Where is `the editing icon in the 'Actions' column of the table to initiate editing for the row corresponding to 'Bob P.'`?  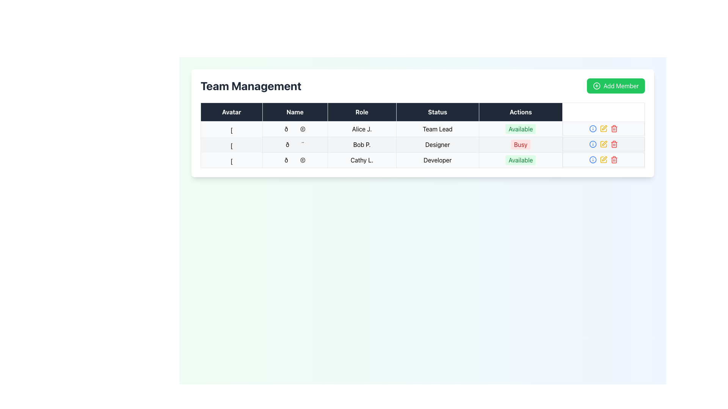 the editing icon in the 'Actions' column of the table to initiate editing for the row corresponding to 'Bob P.' is located at coordinates (604, 127).